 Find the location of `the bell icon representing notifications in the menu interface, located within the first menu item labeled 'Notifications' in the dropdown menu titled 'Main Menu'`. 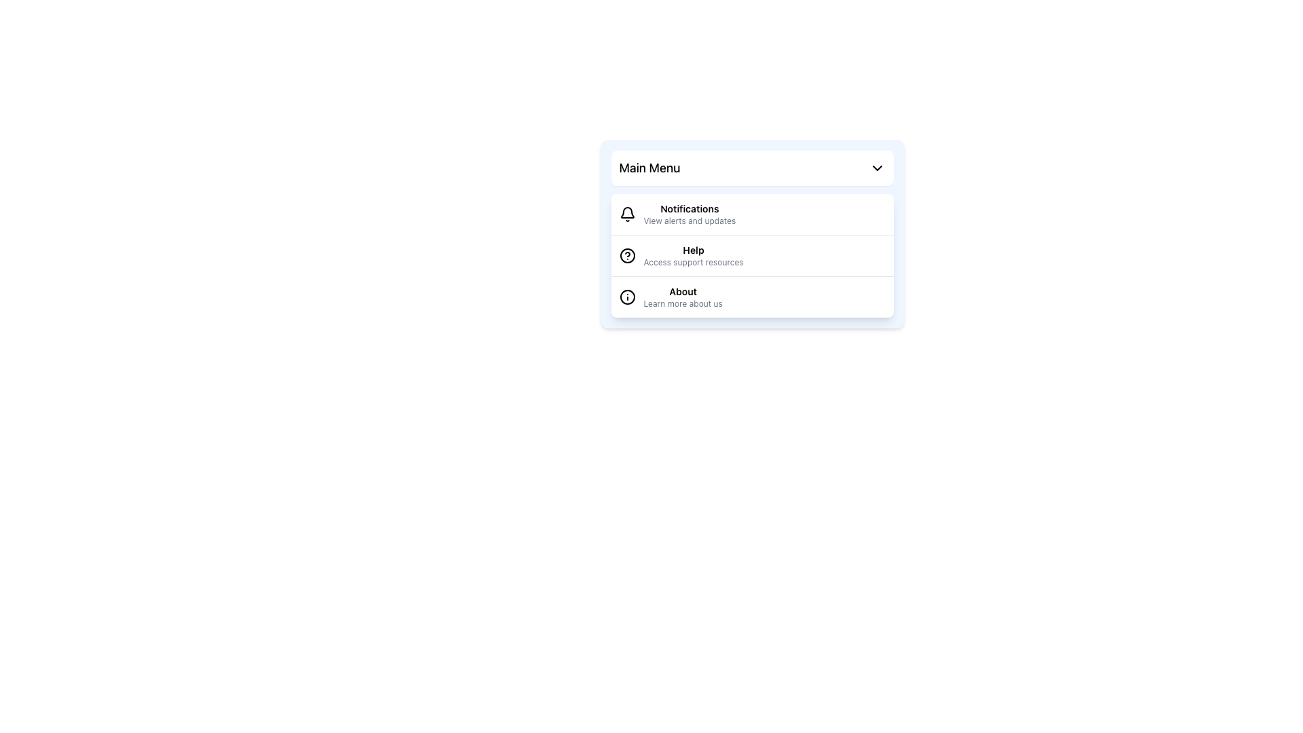

the bell icon representing notifications in the menu interface, located within the first menu item labeled 'Notifications' in the dropdown menu titled 'Main Menu' is located at coordinates (626, 212).